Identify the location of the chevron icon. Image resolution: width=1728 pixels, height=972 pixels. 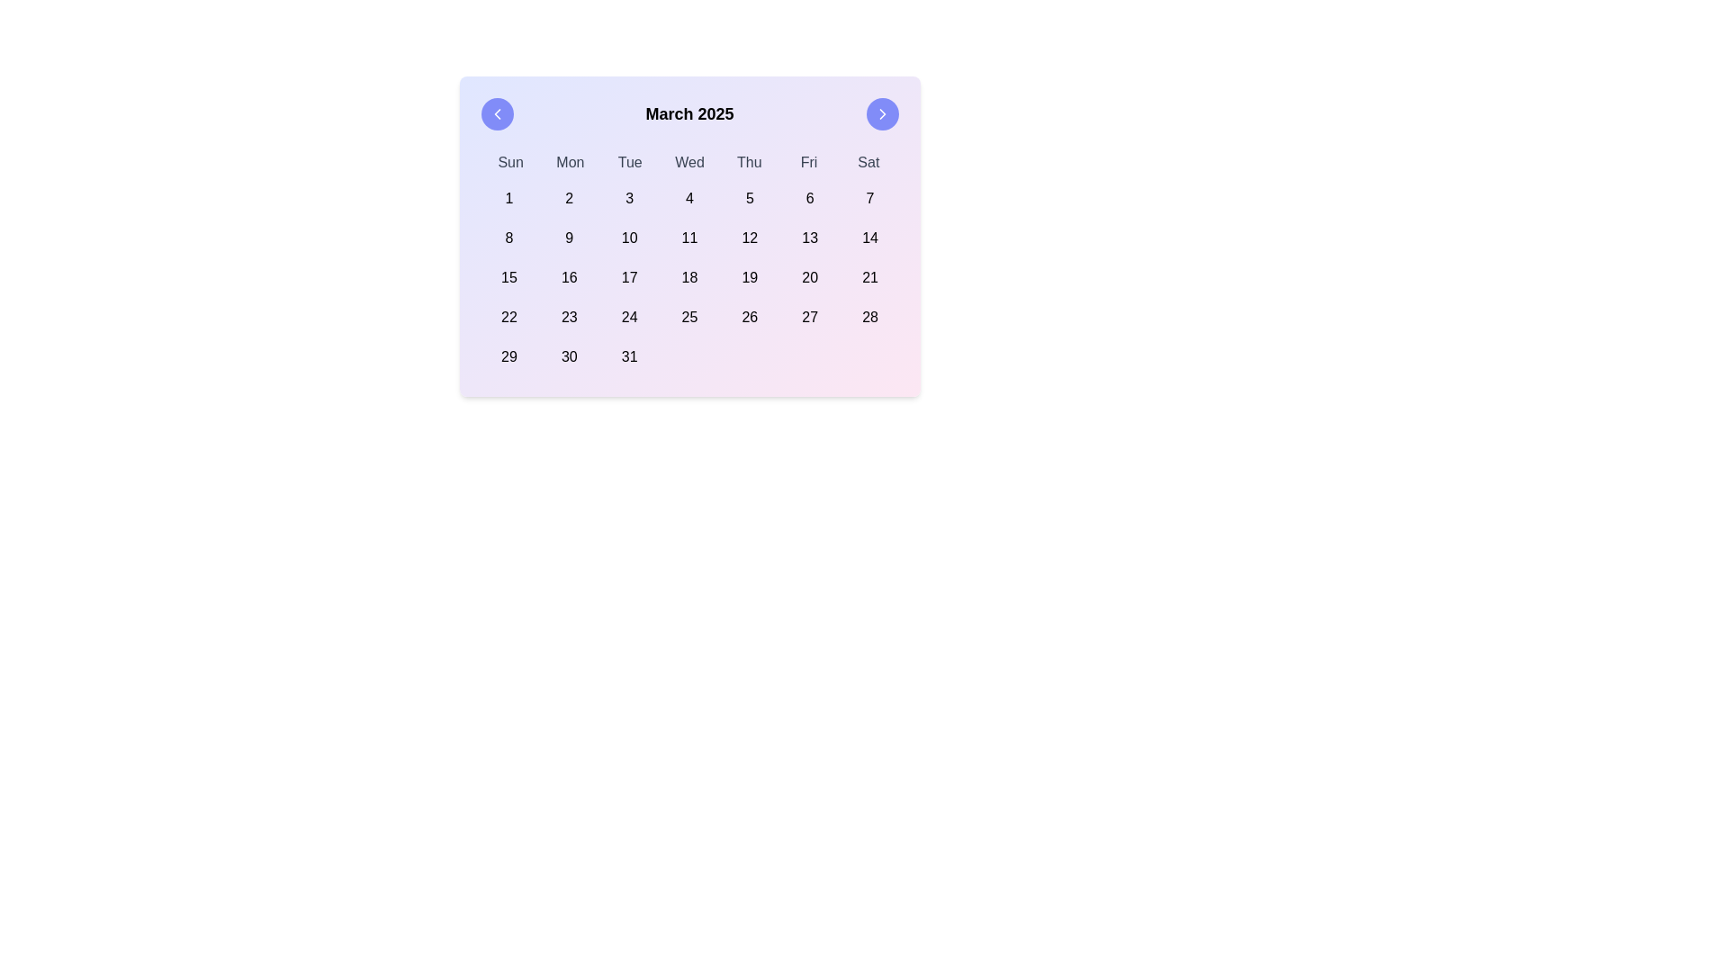
(882, 114).